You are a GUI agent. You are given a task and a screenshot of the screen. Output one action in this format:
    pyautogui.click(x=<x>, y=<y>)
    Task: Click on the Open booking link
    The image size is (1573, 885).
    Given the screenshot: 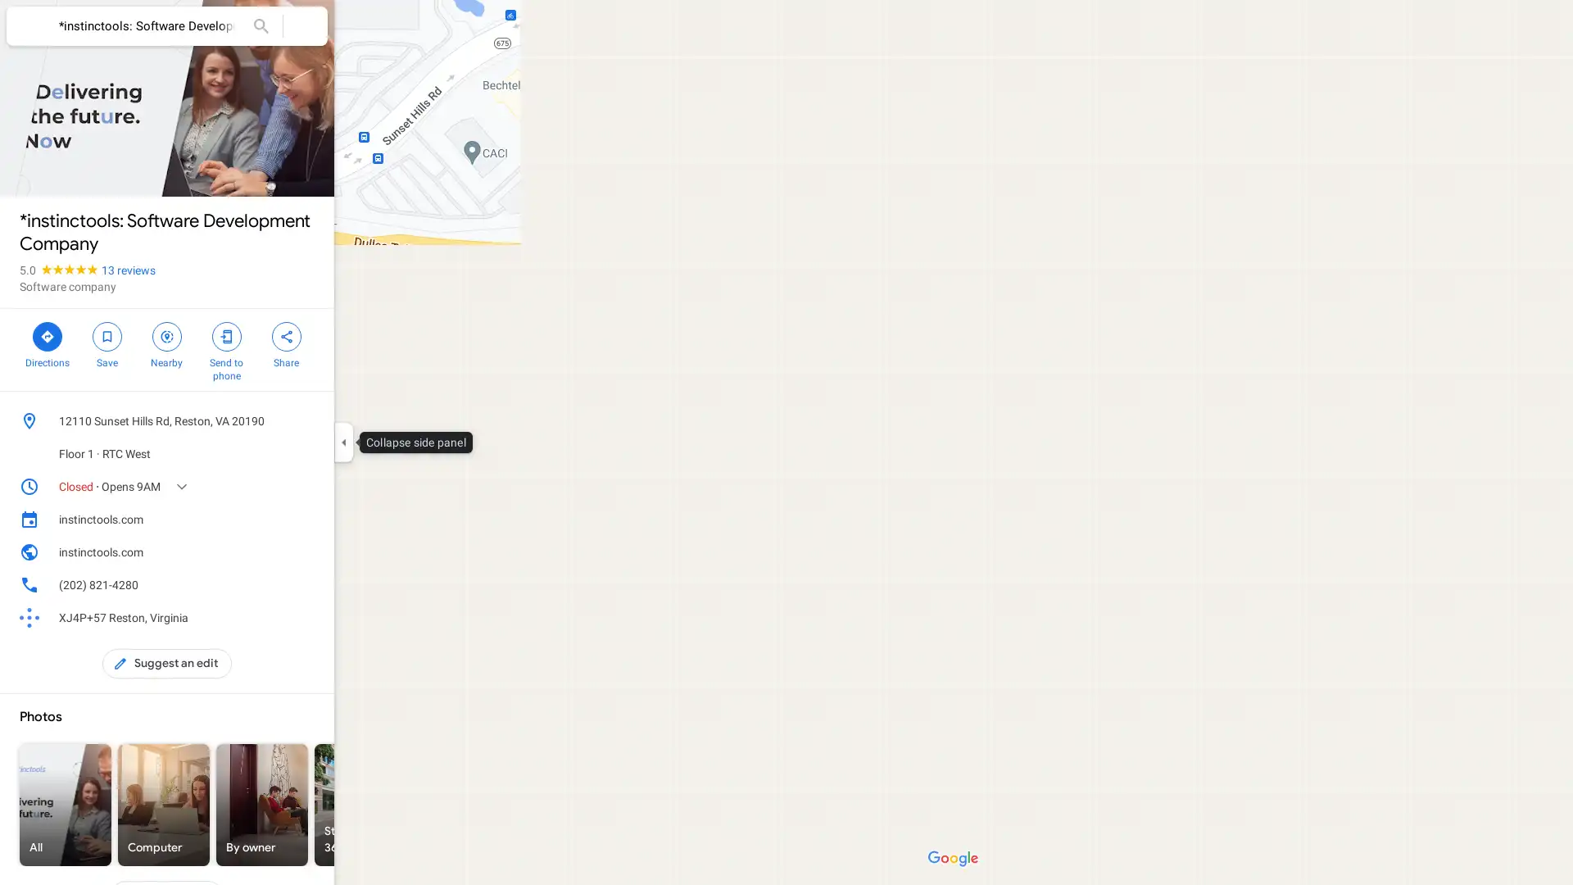 What is the action you would take?
    pyautogui.click(x=306, y=519)
    